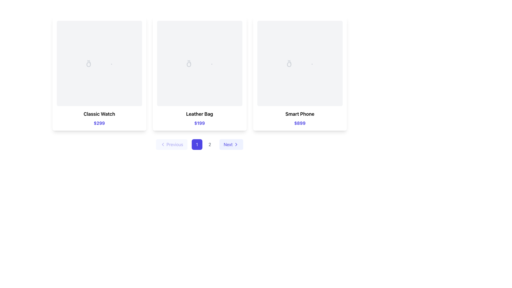  Describe the element at coordinates (236, 145) in the screenshot. I see `the rightward-pointing chevron icon within the 'Next' button on the pagination bar to advance to the next page of items` at that location.